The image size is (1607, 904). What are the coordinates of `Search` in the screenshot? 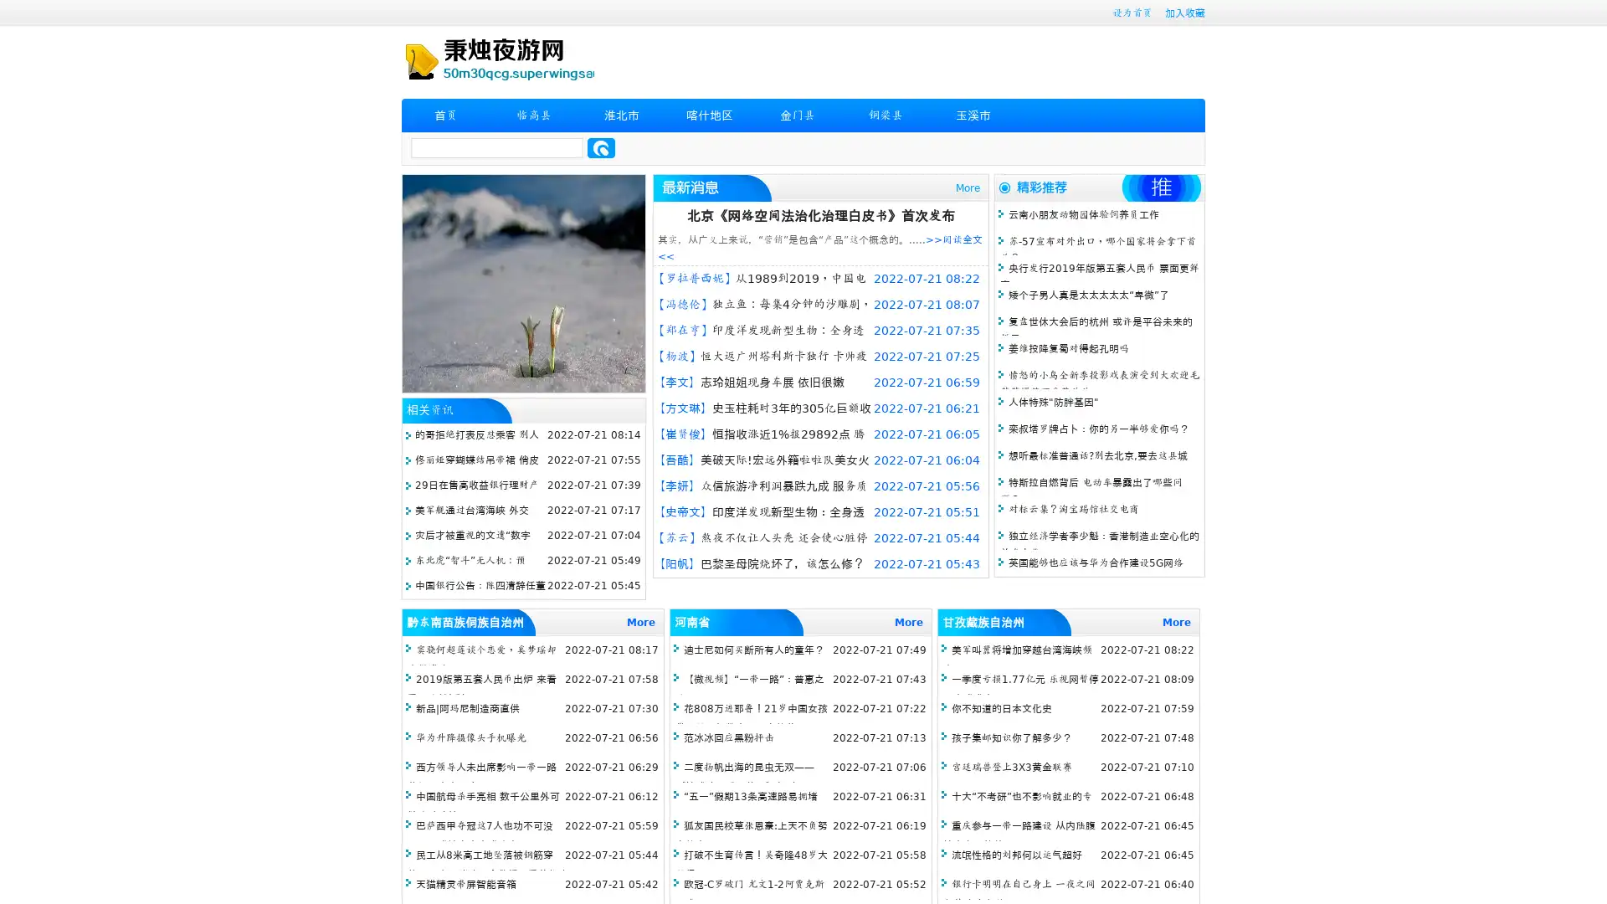 It's located at (601, 147).